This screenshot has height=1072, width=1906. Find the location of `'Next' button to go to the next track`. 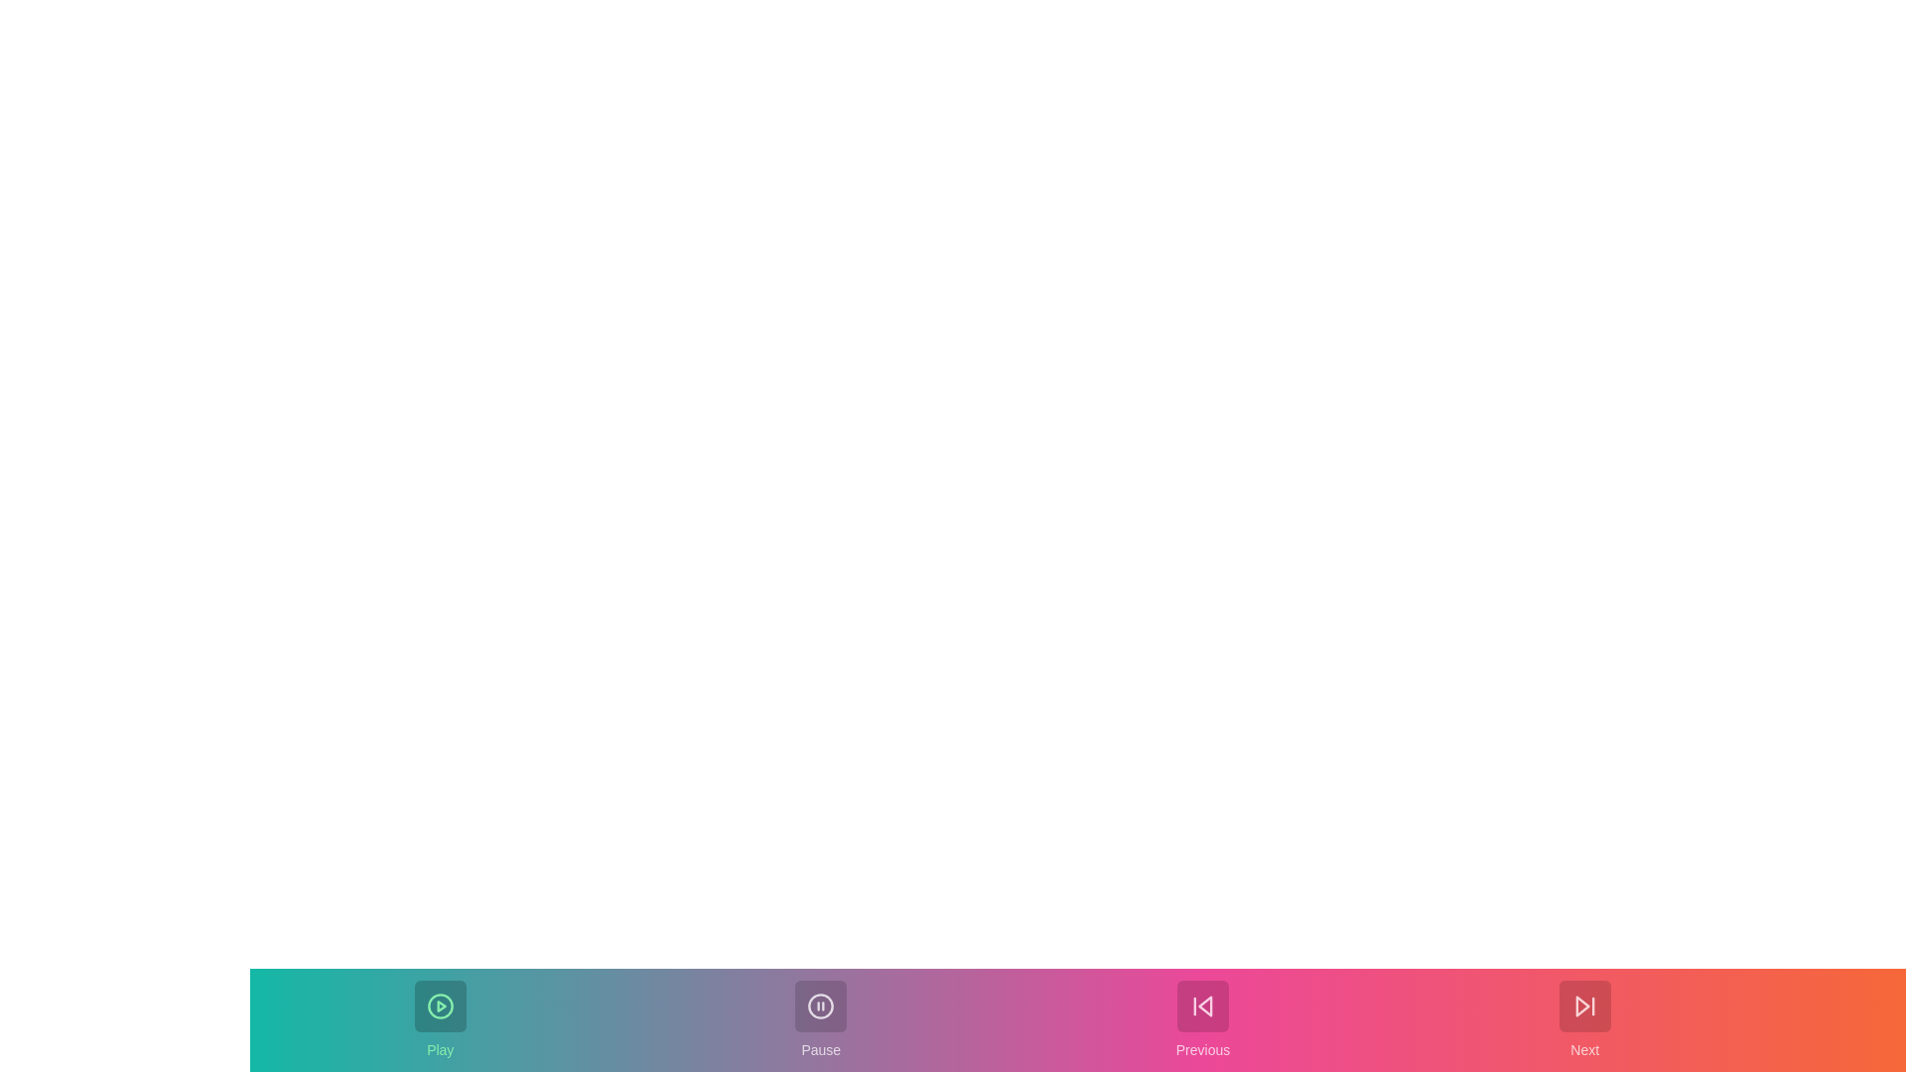

'Next' button to go to the next track is located at coordinates (1583, 1020).